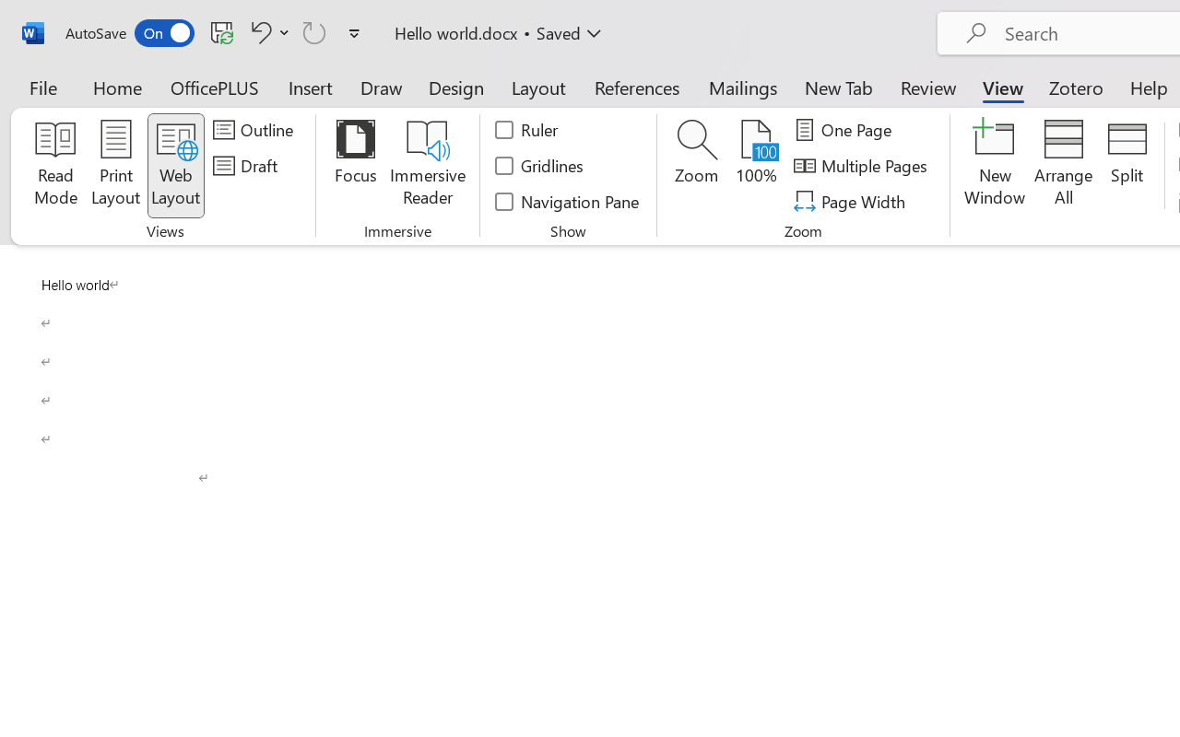  What do you see at coordinates (456, 87) in the screenshot?
I see `'Design'` at bounding box center [456, 87].